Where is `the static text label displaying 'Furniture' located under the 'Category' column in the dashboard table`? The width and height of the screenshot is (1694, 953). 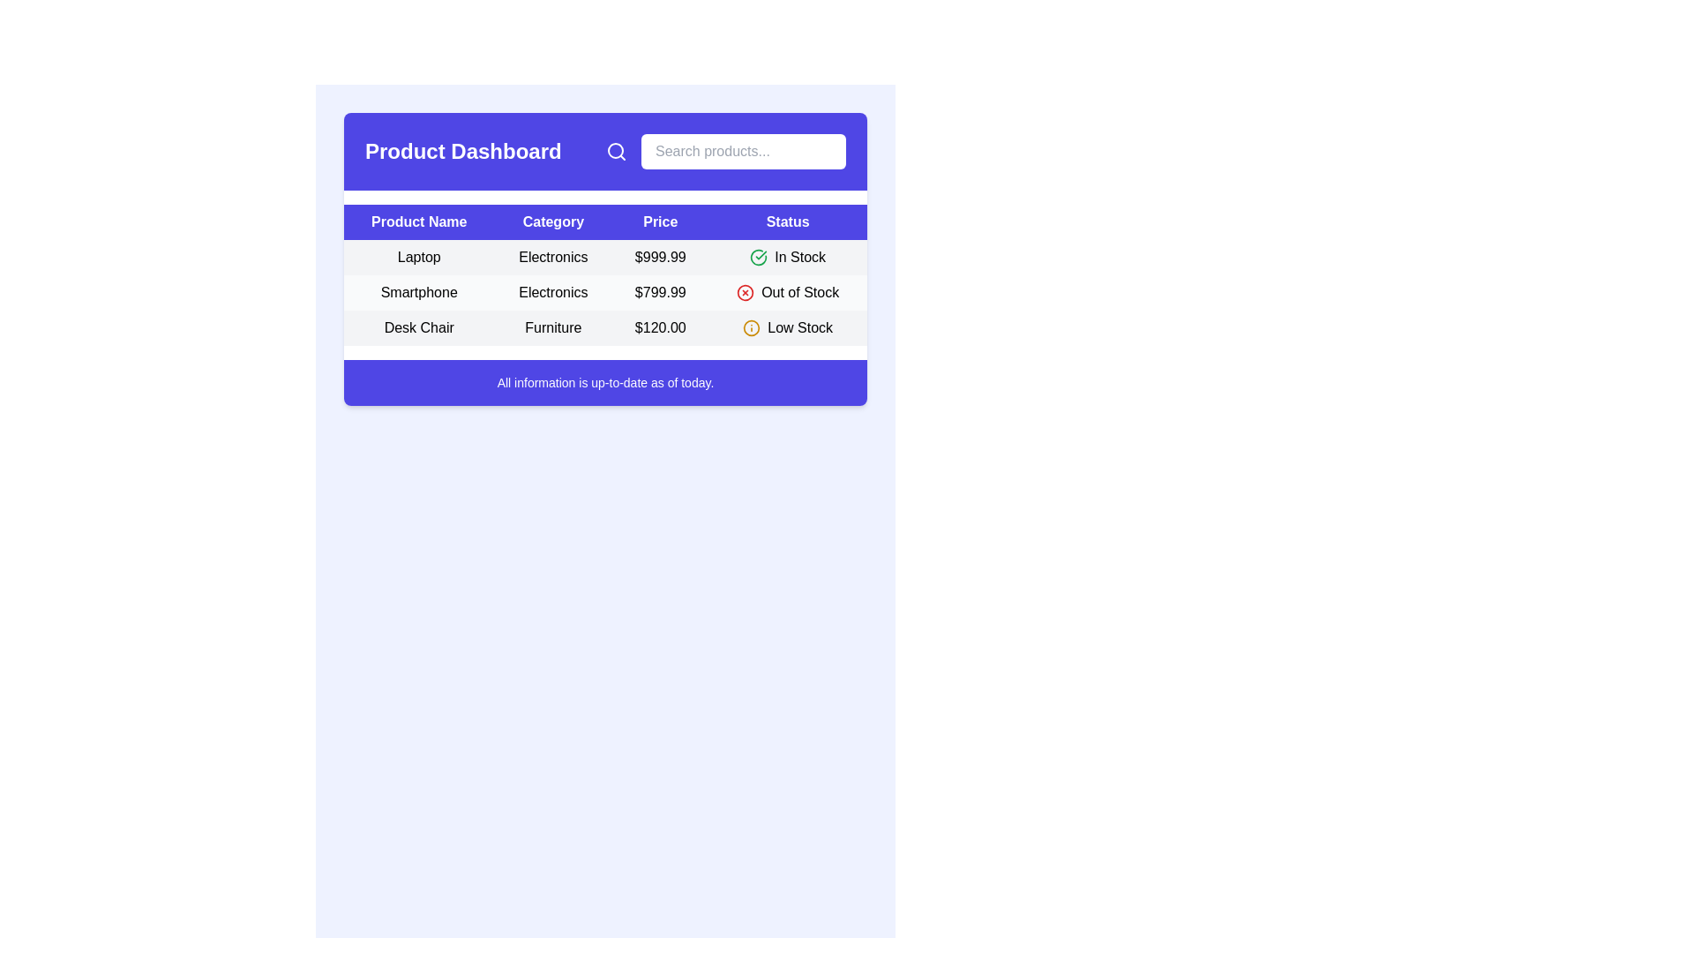
the static text label displaying 'Furniture' located under the 'Category' column in the dashboard table is located at coordinates (552, 327).